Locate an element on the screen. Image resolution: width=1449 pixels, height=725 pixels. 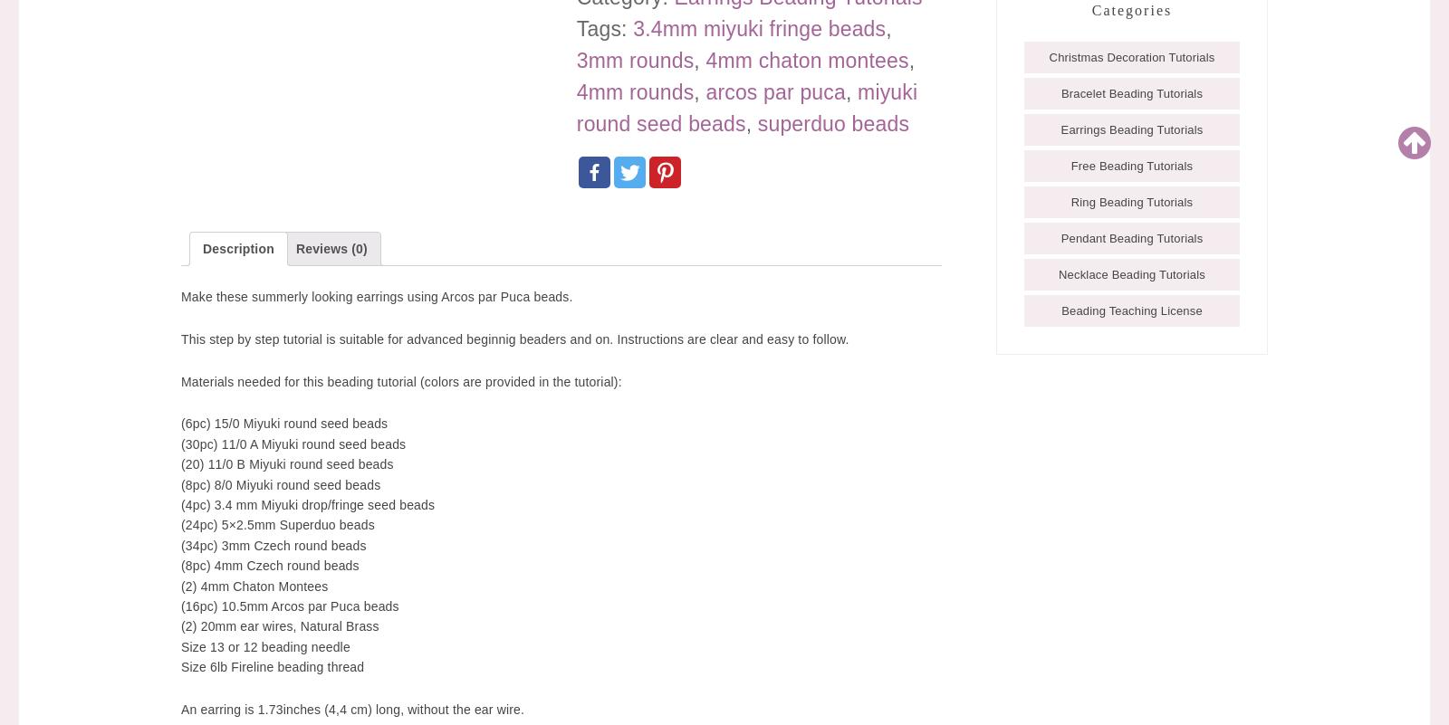
'Free Beading Tutorials' is located at coordinates (1070, 165).